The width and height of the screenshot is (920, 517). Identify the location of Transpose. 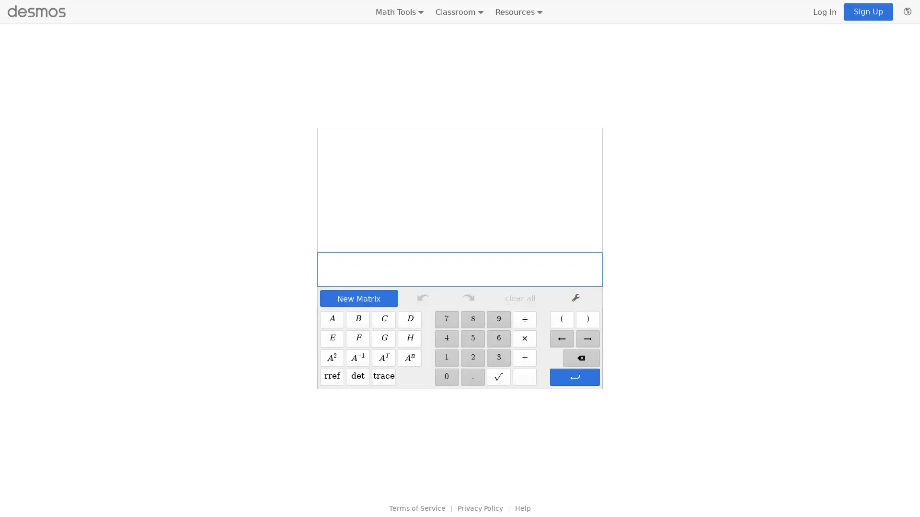
(384, 358).